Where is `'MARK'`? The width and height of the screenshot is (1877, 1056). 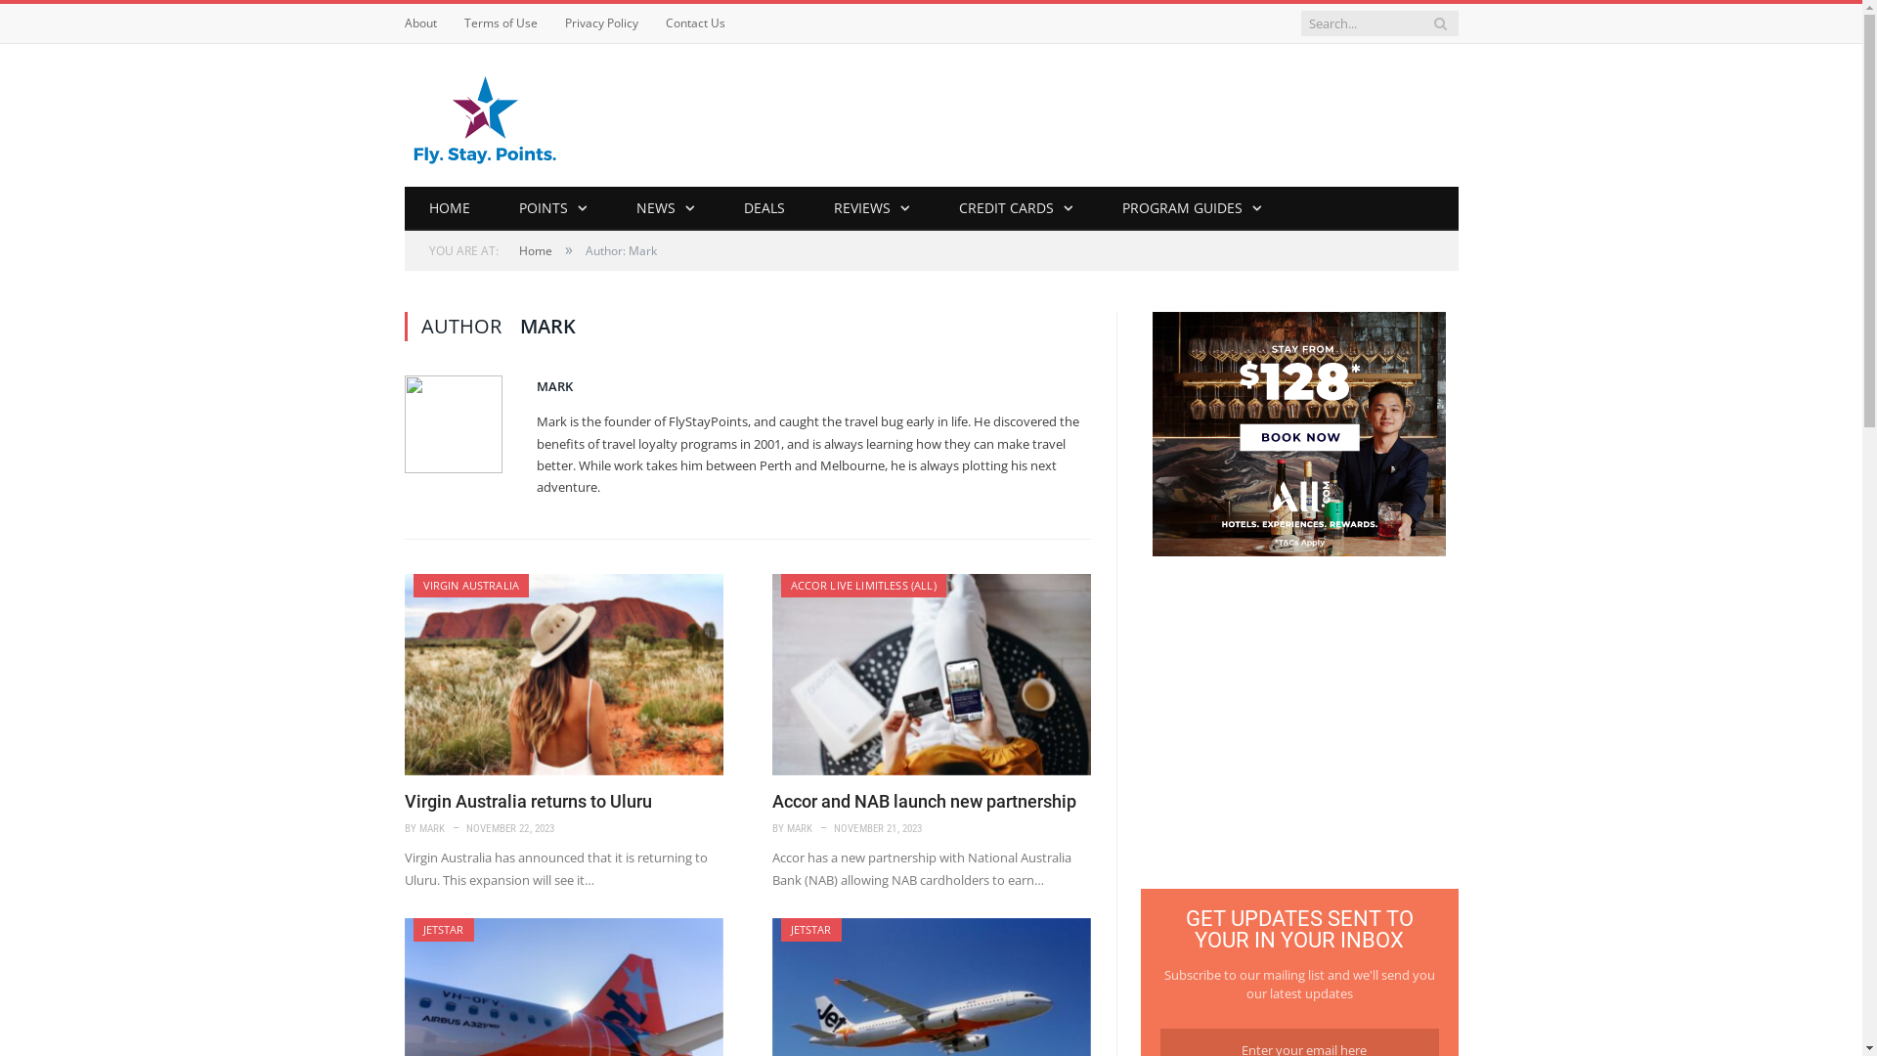 'MARK' is located at coordinates (431, 828).